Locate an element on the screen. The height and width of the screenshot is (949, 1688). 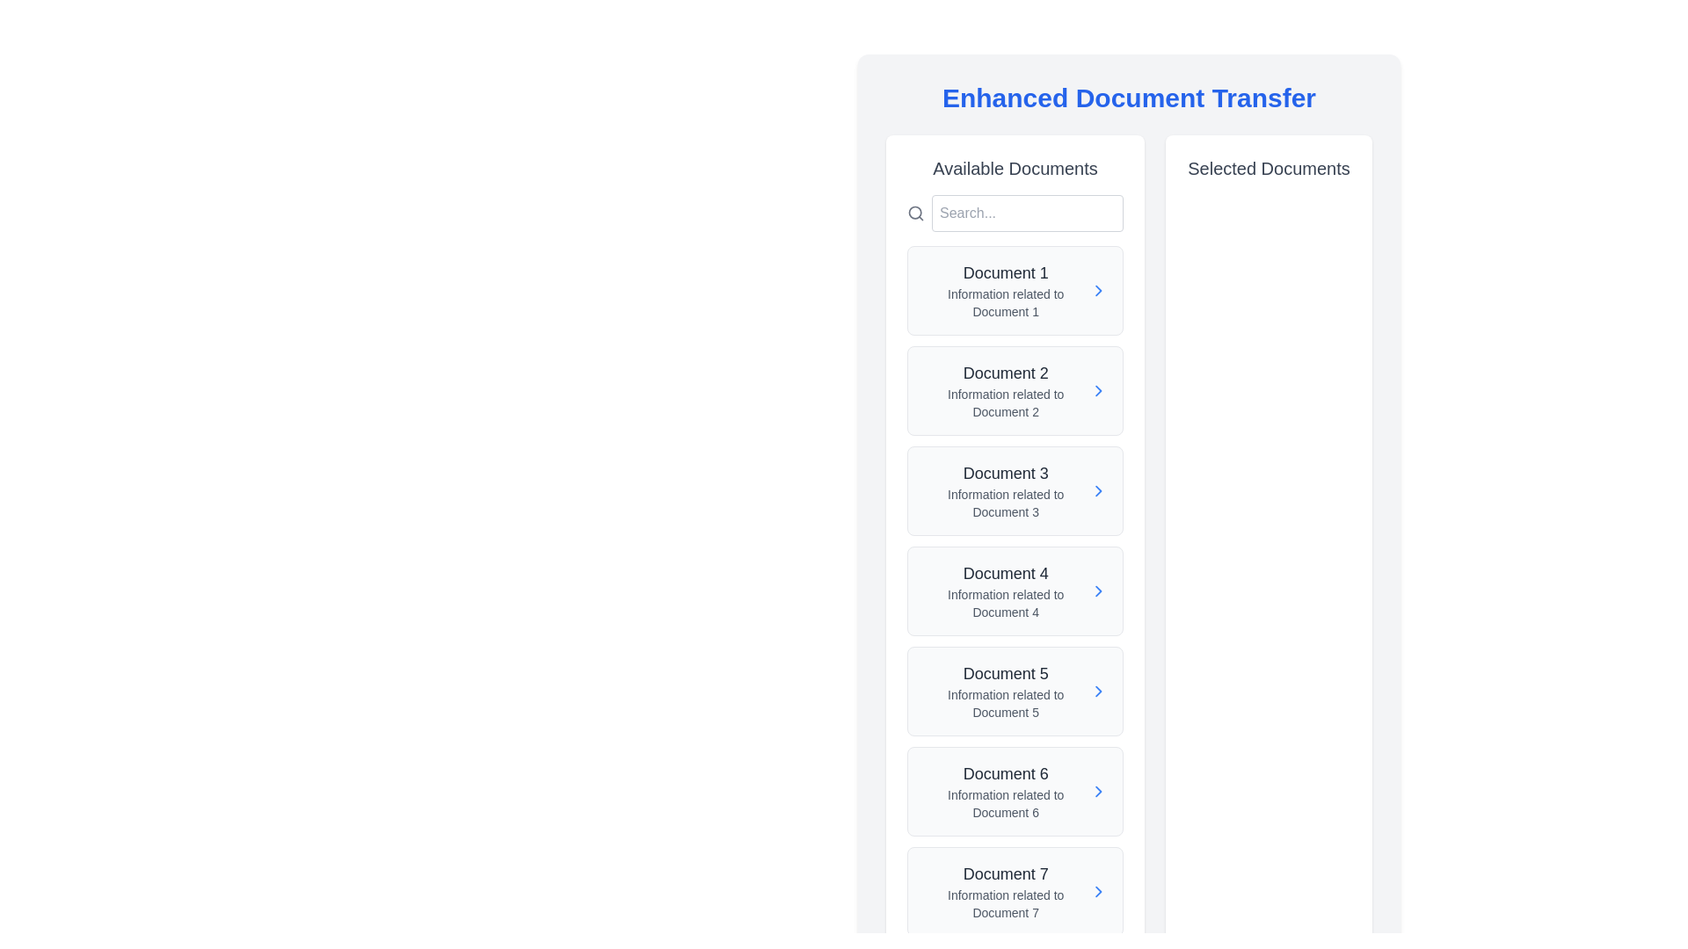
the Navigation arrow icon located next to 'Document 3' in the 'Available Documents' column is located at coordinates (1098, 491).